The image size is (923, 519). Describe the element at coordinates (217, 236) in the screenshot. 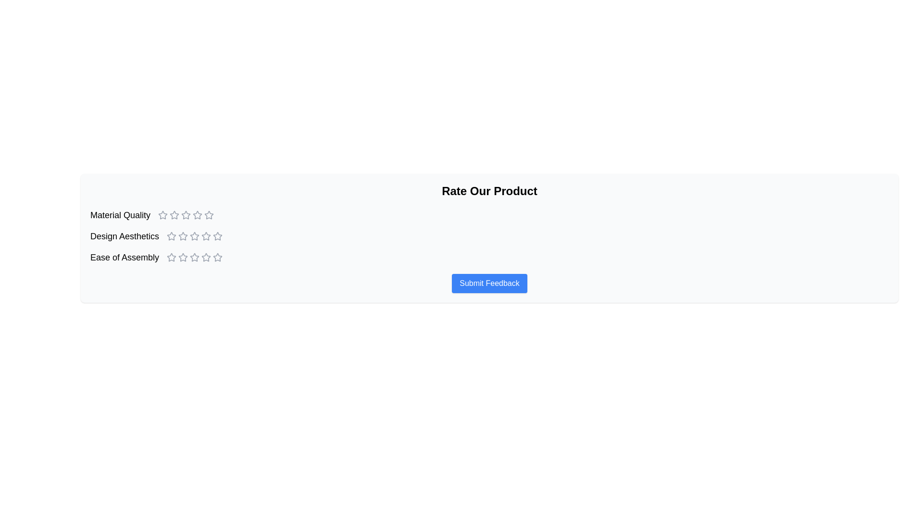

I see `the fifth star icon in the rating system for 'Design Aesthetics'` at that location.